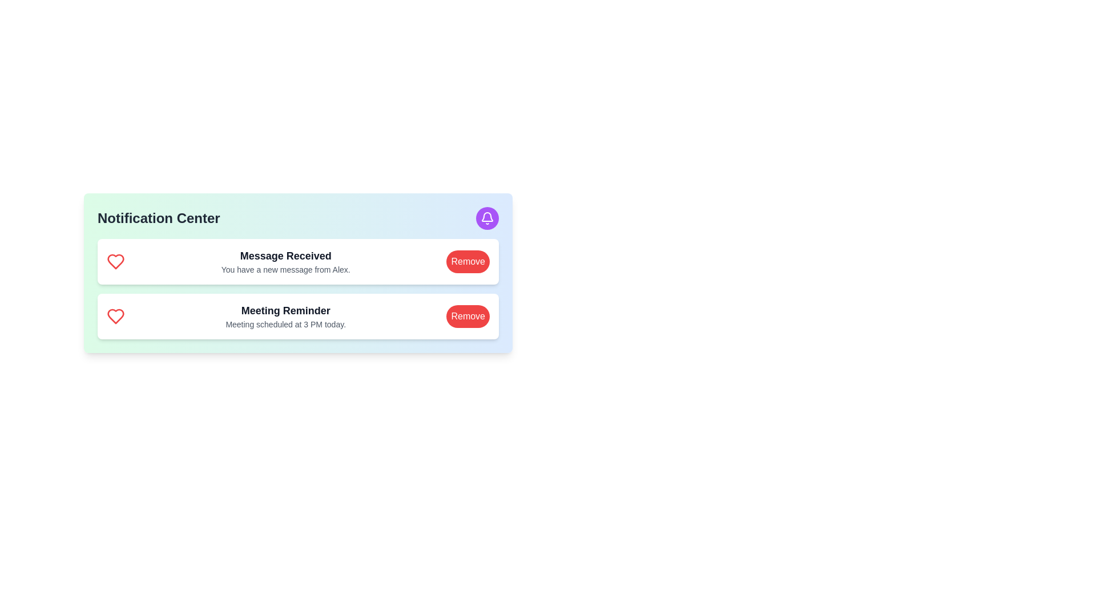 The height and width of the screenshot is (616, 1096). Describe the element at coordinates (115, 262) in the screenshot. I see `the red heart icon located to the left of the 'Meeting Reminder' title in the second notification entry` at that location.